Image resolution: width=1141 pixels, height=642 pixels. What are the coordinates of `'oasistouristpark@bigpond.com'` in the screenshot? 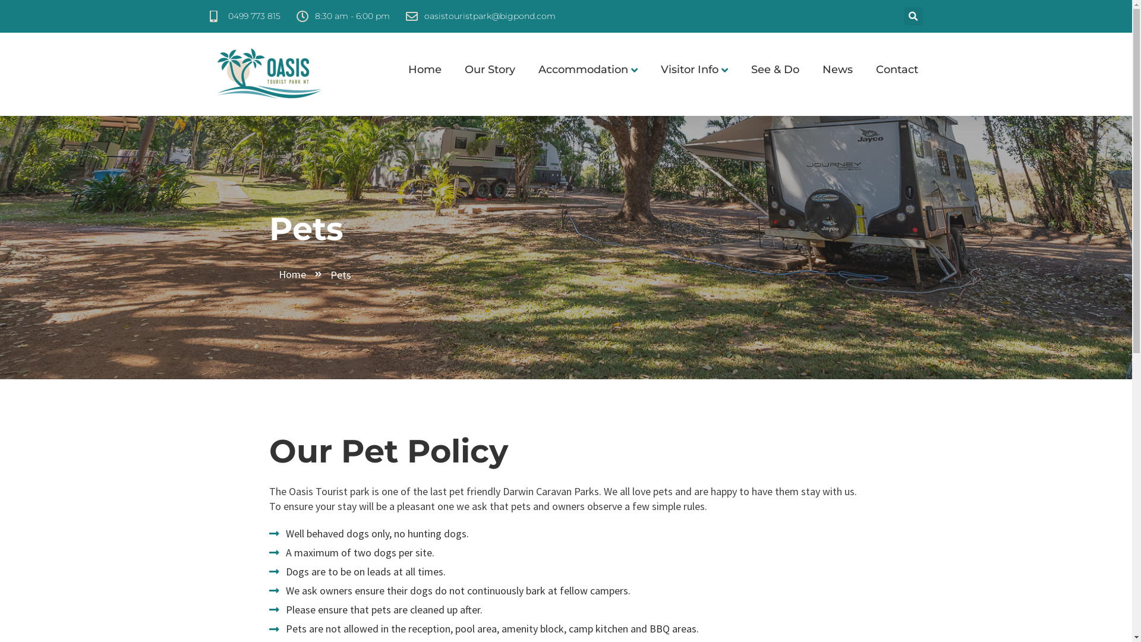 It's located at (480, 16).